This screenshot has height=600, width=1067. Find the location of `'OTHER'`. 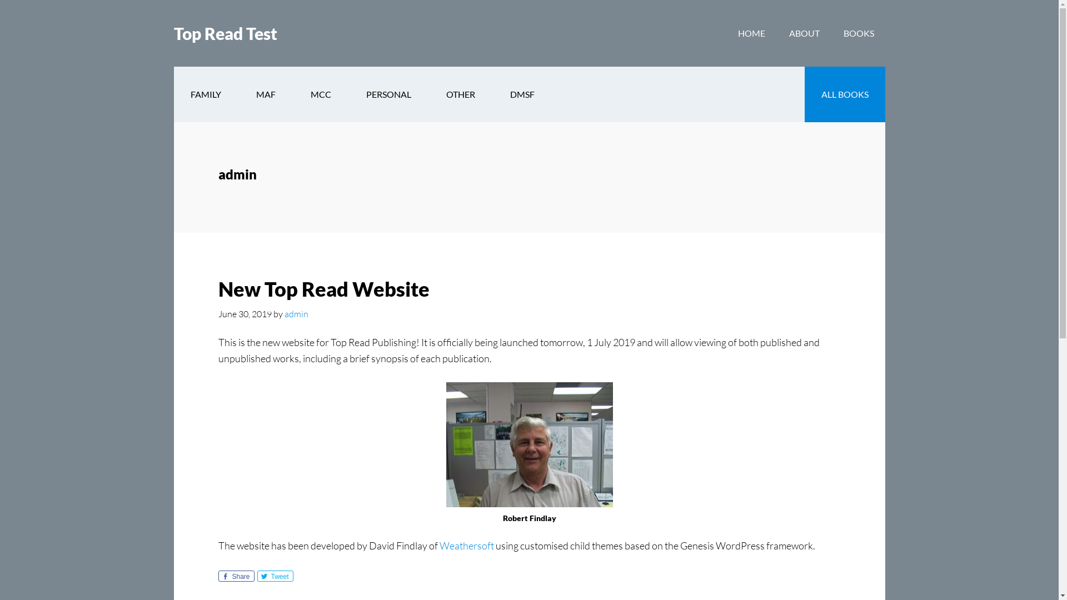

'OTHER' is located at coordinates (460, 93).